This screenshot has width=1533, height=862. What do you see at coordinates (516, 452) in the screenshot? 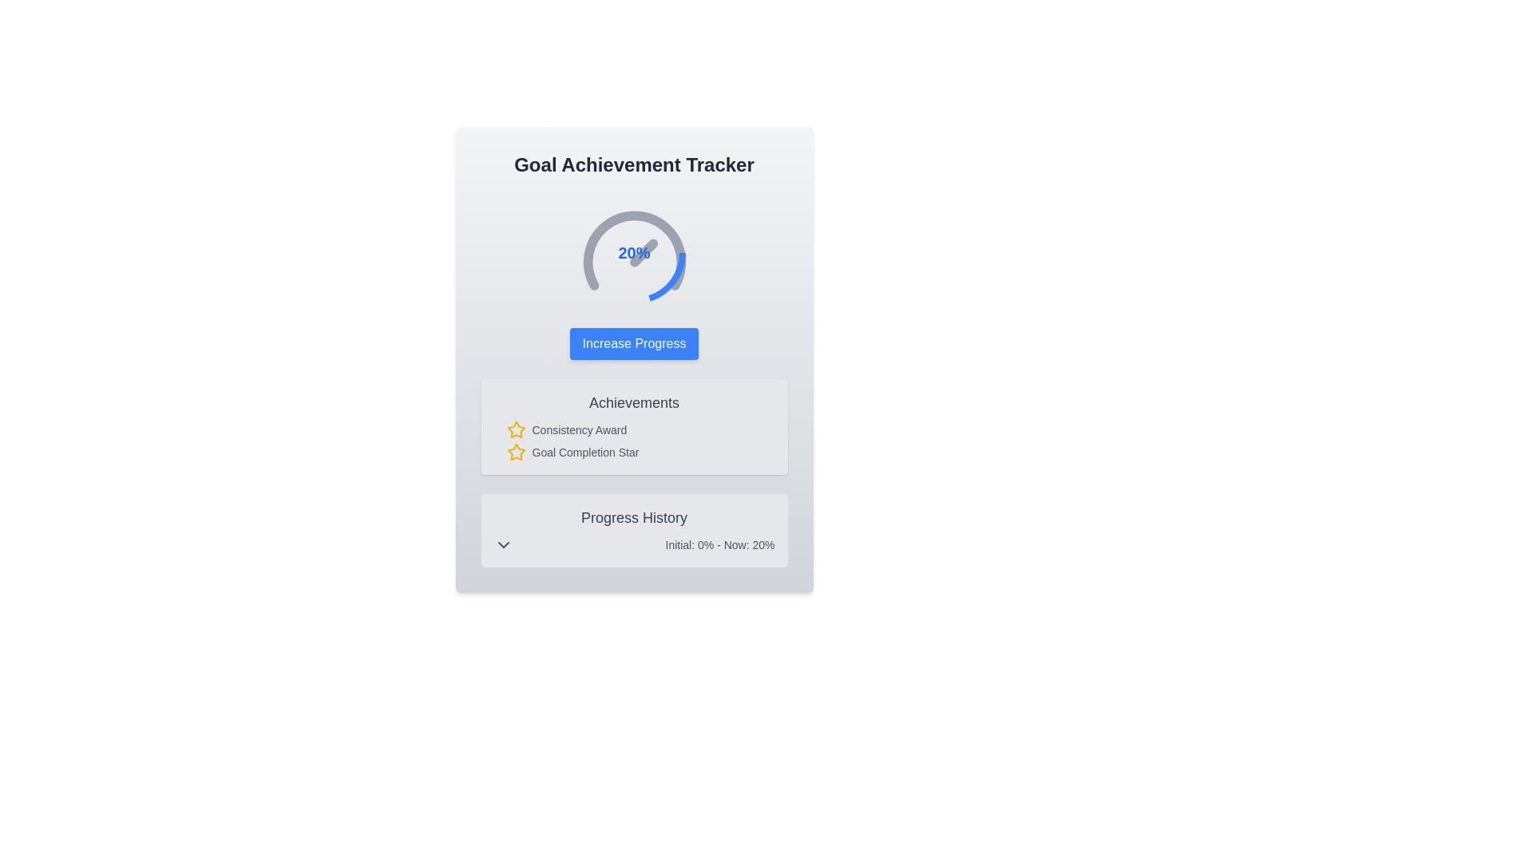
I see `the first icon in the 'Achievements' section that represents the 'Consistency Award.'` at bounding box center [516, 452].